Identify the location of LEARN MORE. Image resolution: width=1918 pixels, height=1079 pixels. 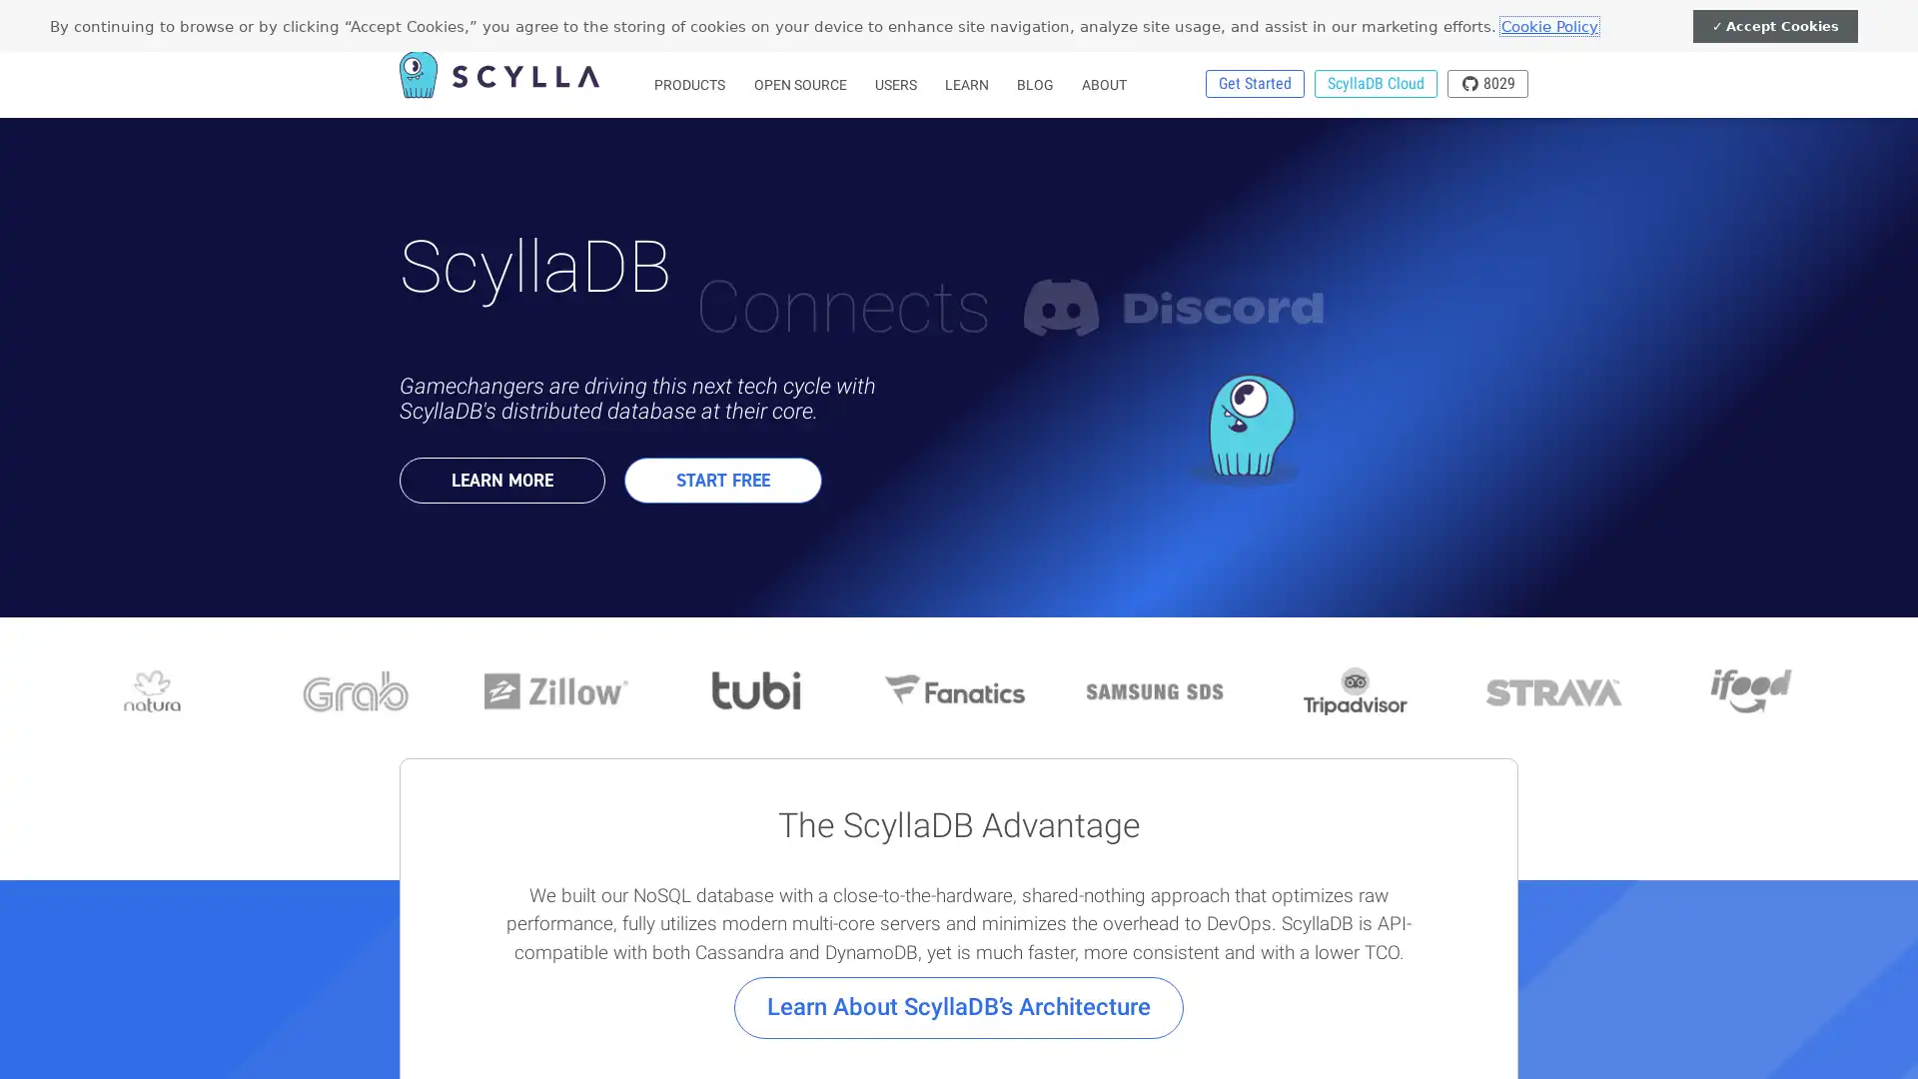
(502, 480).